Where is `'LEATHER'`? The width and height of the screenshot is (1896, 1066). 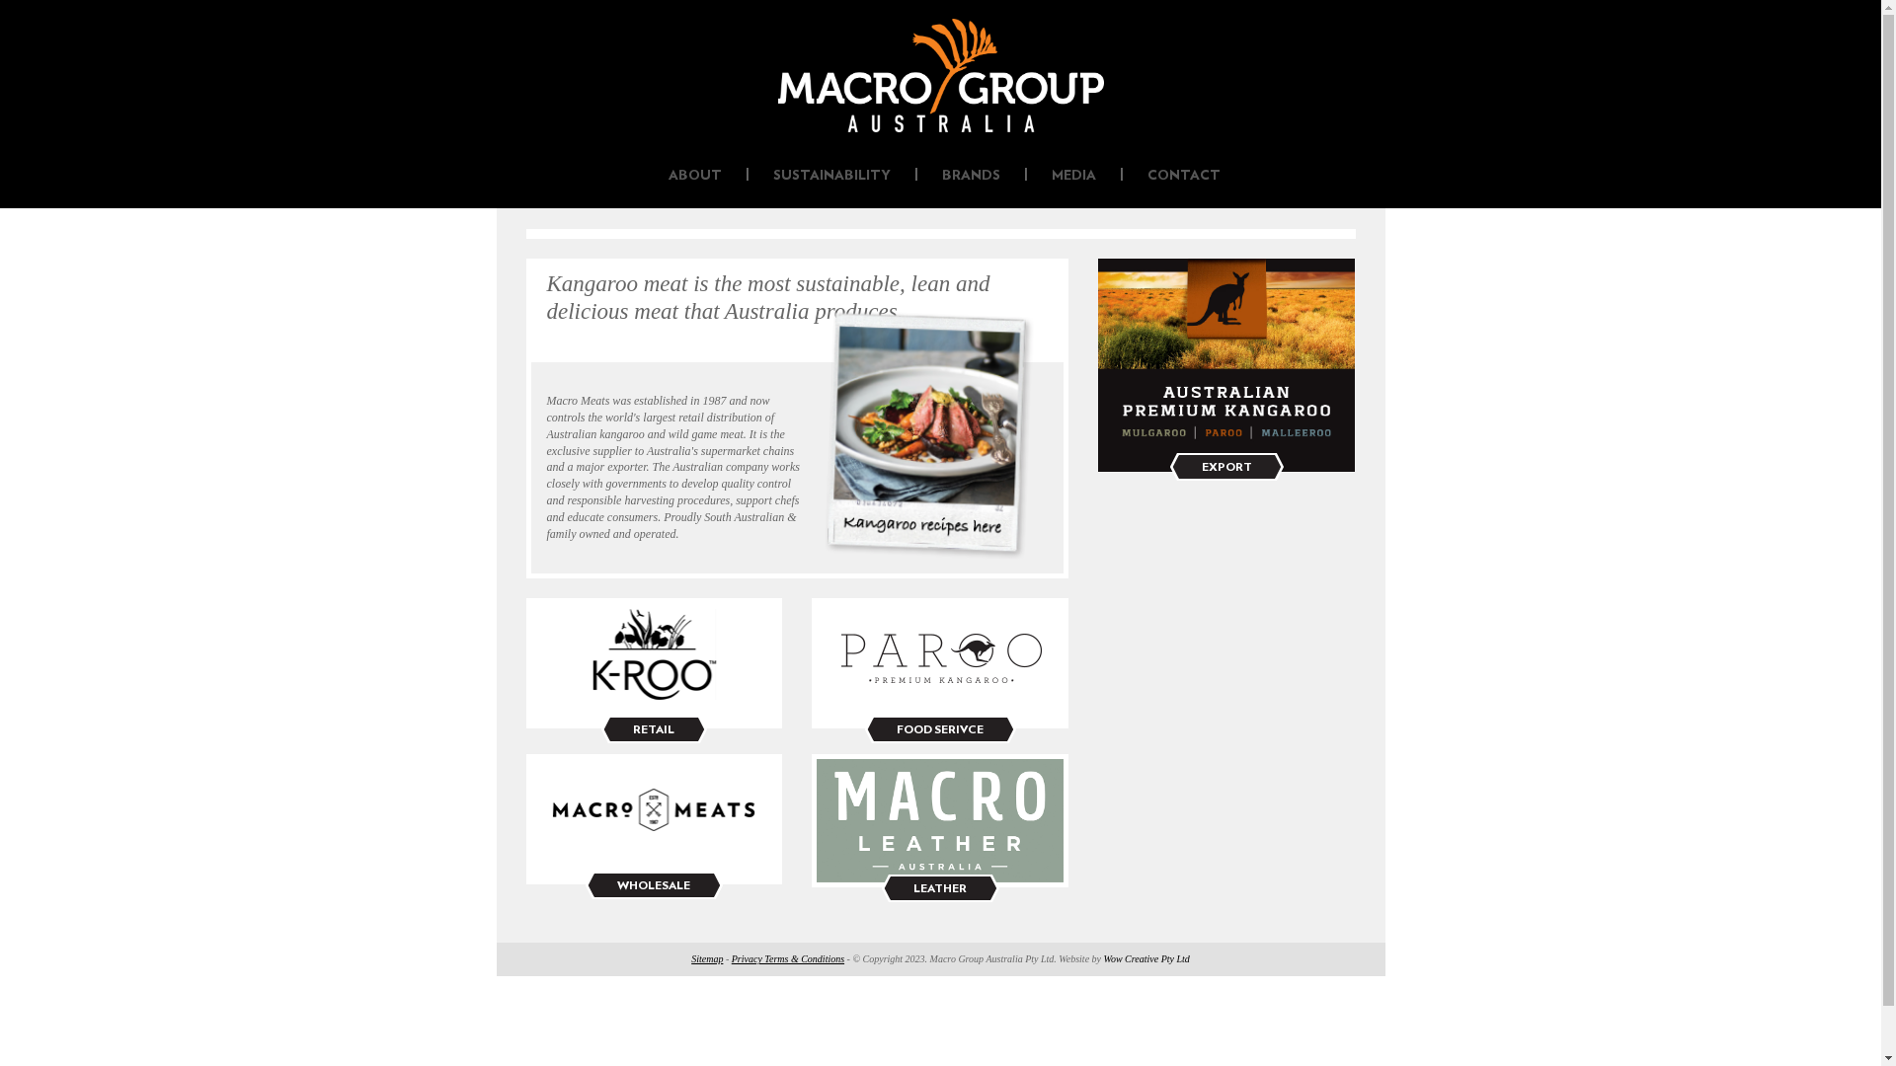 'LEATHER' is located at coordinates (938, 886).